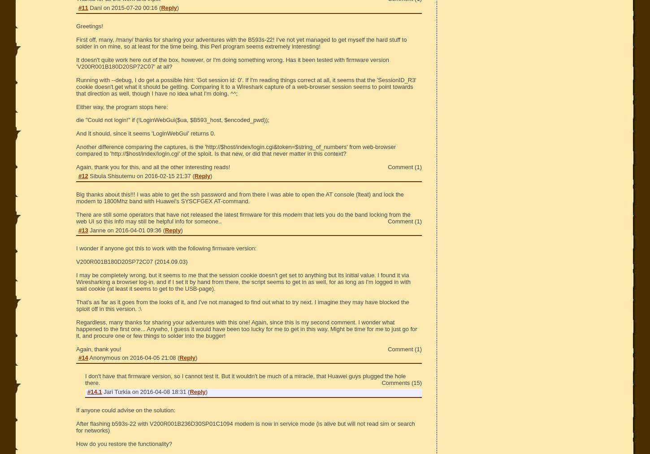 This screenshot has height=454, width=650. I want to click on '2016-04-01 09:36', so click(138, 229).